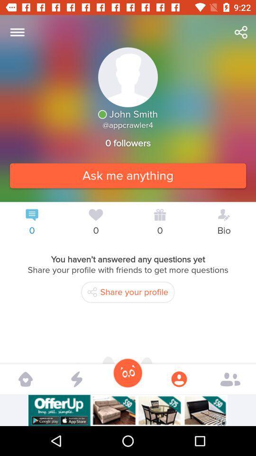 The width and height of the screenshot is (256, 456). What do you see at coordinates (128, 373) in the screenshot?
I see `the emoji icon` at bounding box center [128, 373].